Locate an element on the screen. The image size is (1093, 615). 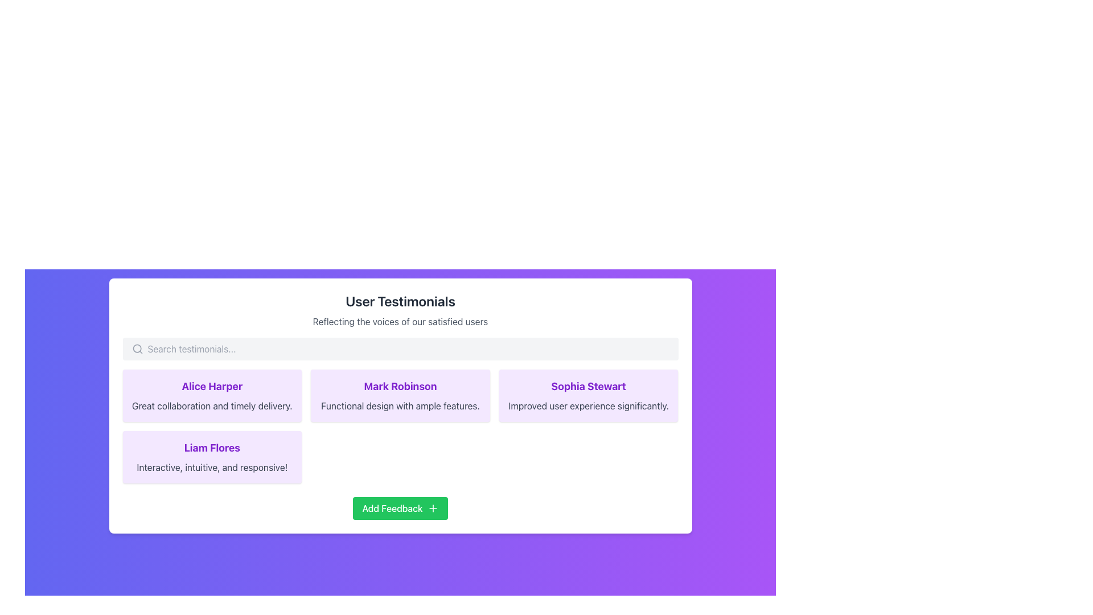
the text label displaying the message 'Interactive, intuitive, and responsive!', which is located beneath the name 'Liam Flores' in a card-like testimonial box is located at coordinates (212, 468).